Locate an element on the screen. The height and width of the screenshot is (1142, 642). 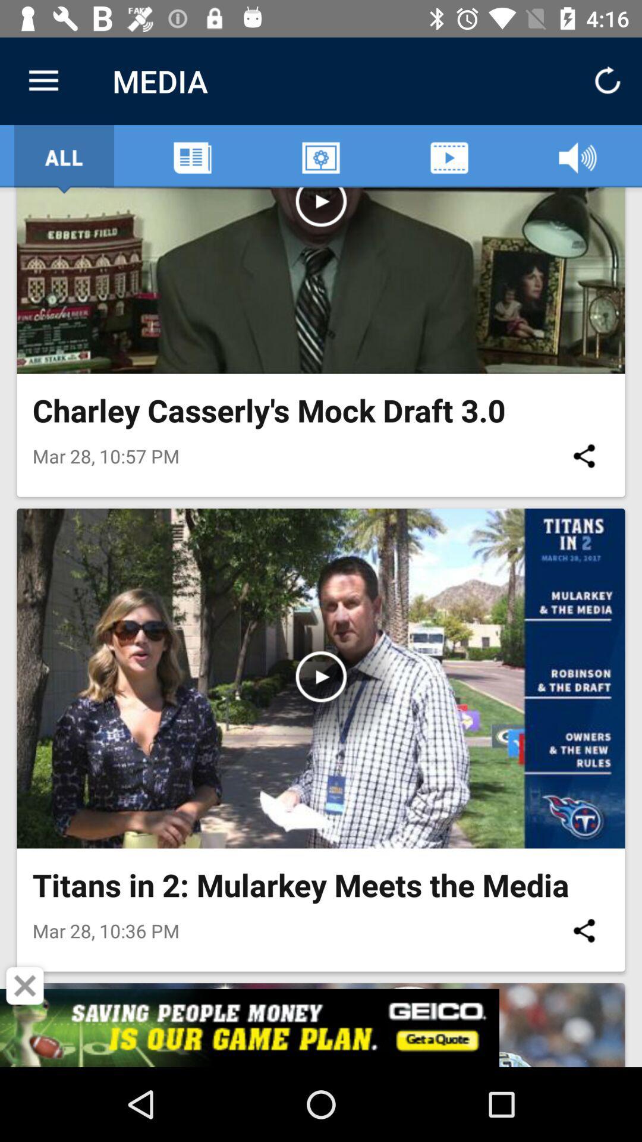
item next to media is located at coordinates (43, 80).